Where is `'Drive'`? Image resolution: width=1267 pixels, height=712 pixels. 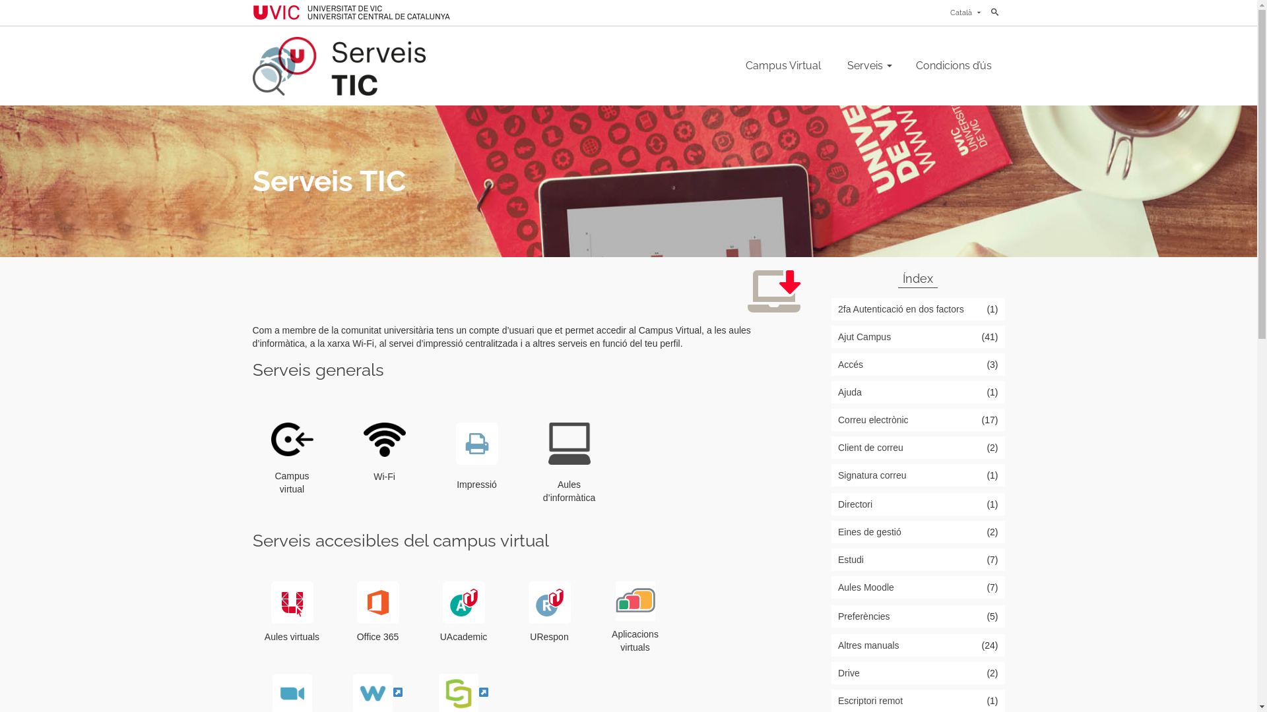
'Drive' is located at coordinates (917, 673).